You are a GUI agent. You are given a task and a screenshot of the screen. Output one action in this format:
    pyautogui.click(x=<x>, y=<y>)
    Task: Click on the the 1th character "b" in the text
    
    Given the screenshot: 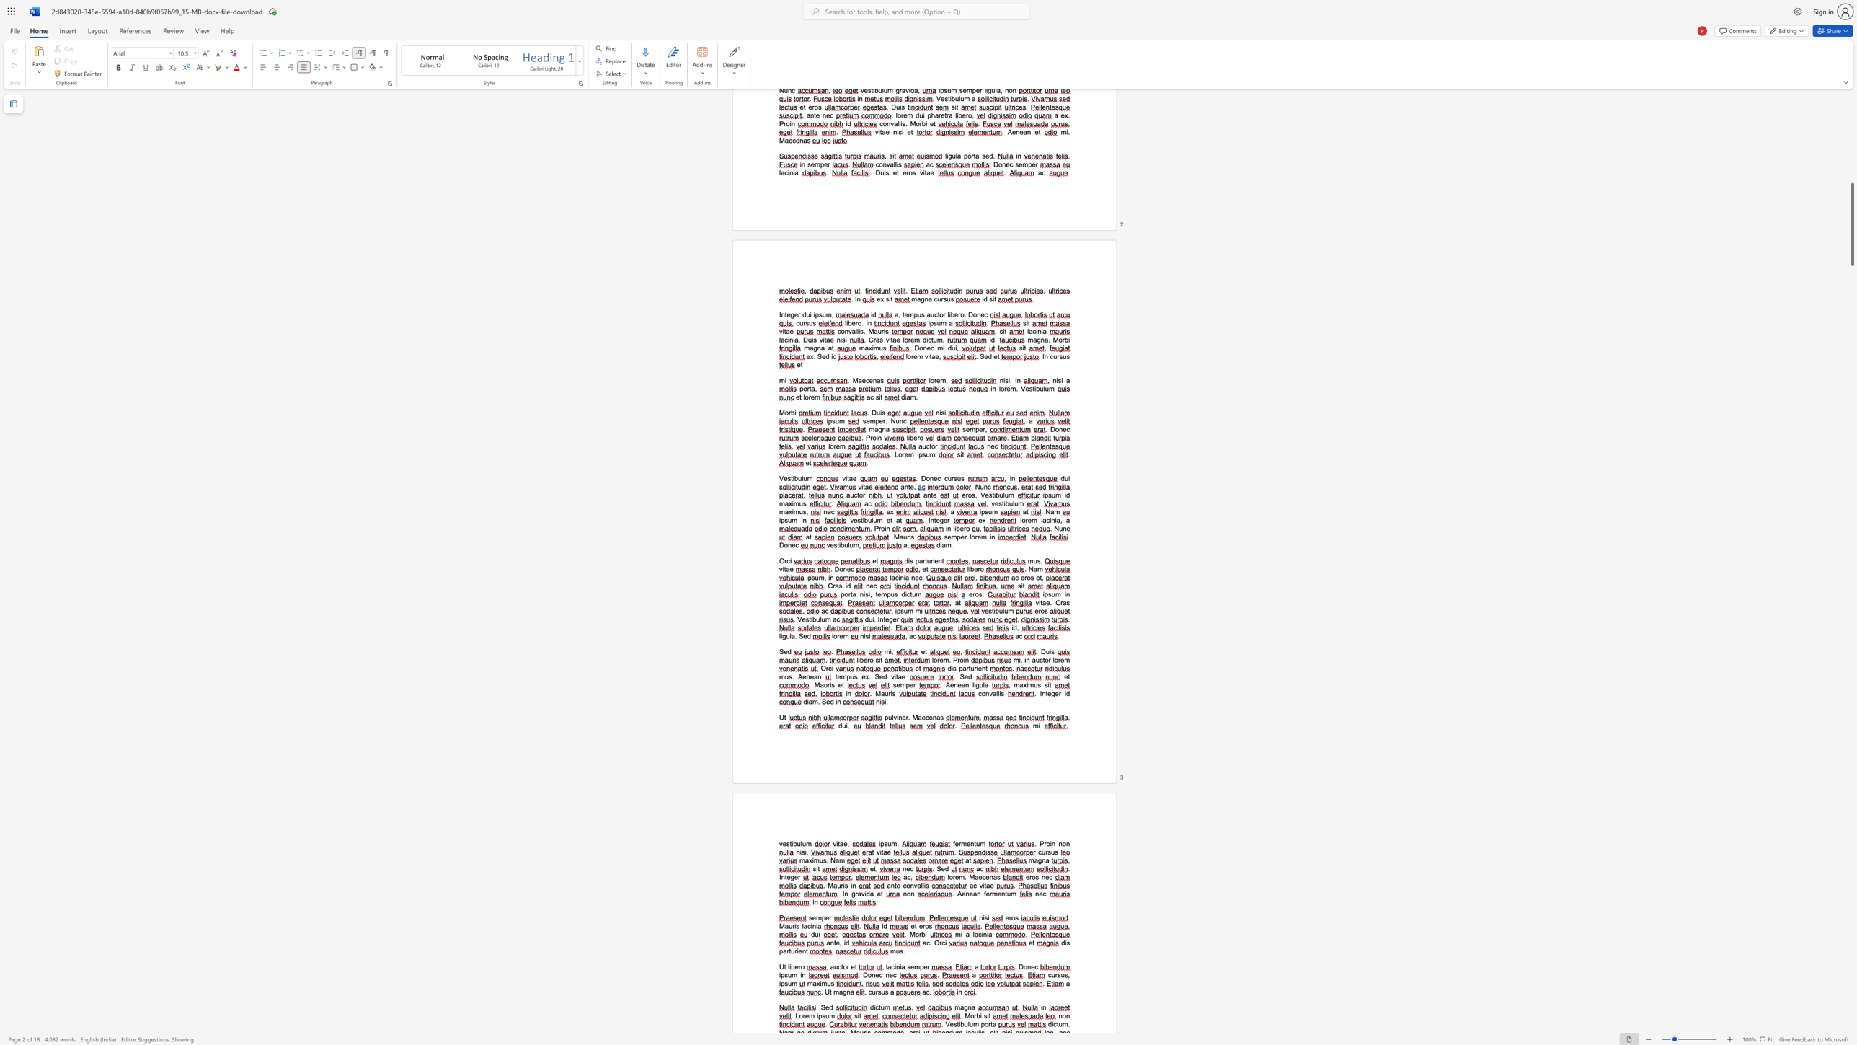 What is the action you would take?
    pyautogui.click(x=997, y=611)
    